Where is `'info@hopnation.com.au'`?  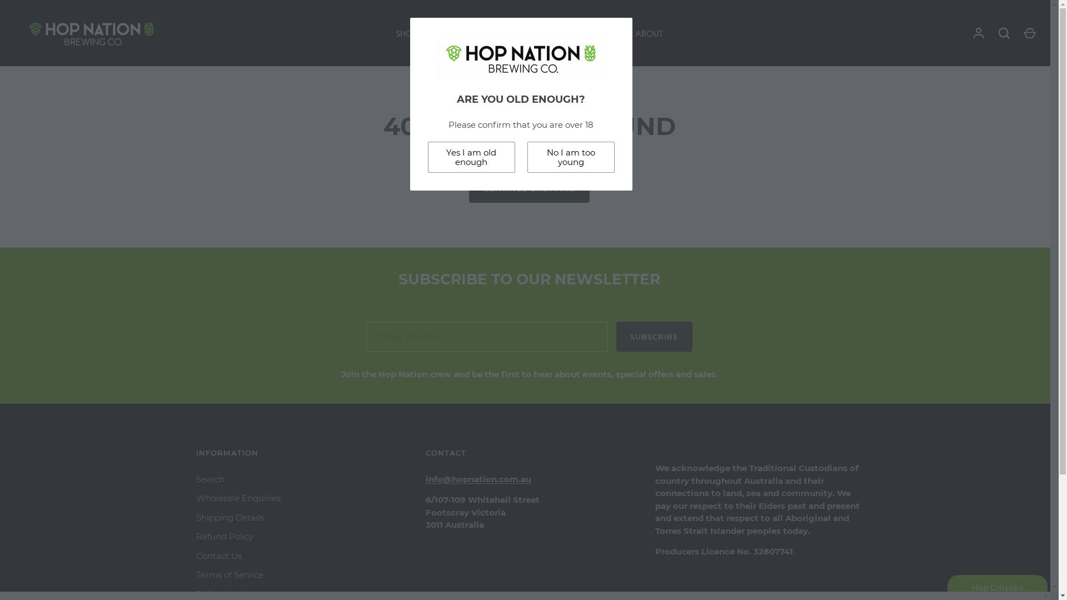
'info@hopnation.com.au' is located at coordinates (478, 478).